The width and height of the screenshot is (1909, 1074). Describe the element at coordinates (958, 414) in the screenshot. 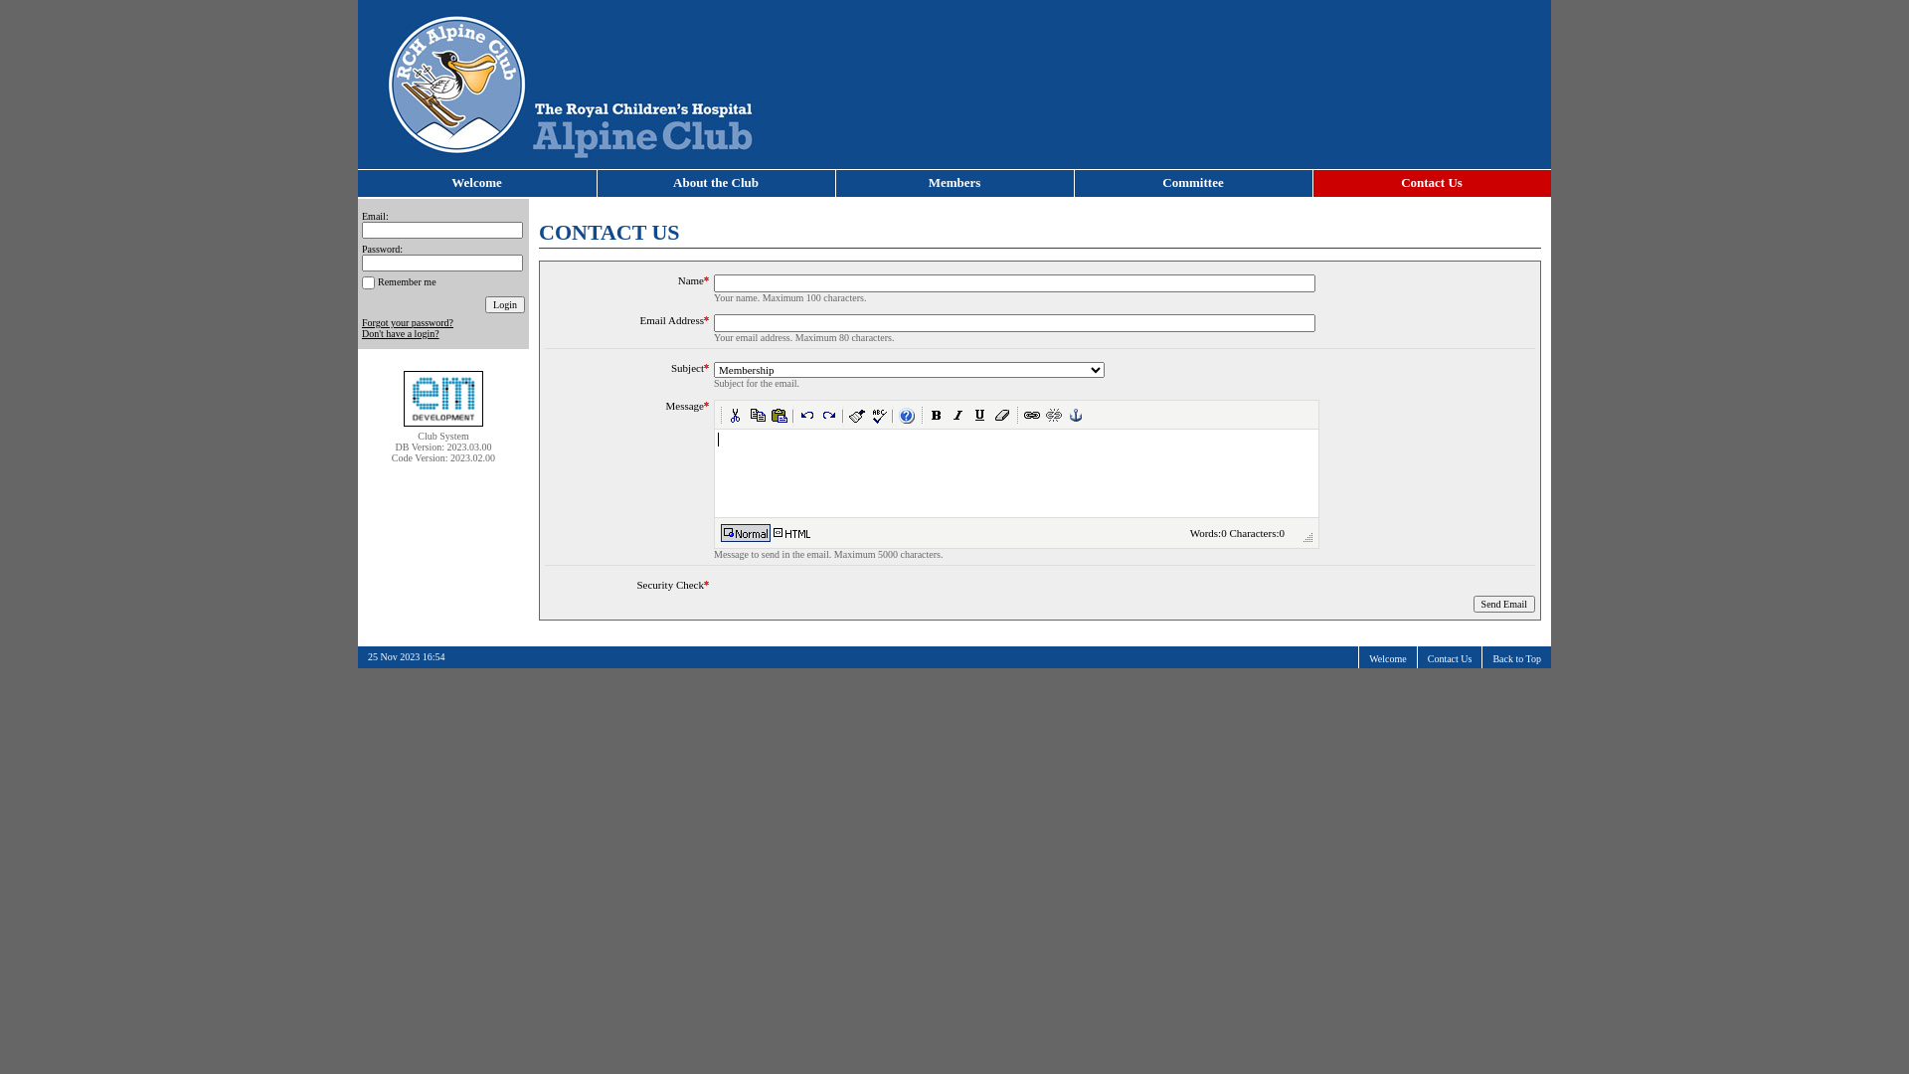

I see `'Italic'` at that location.